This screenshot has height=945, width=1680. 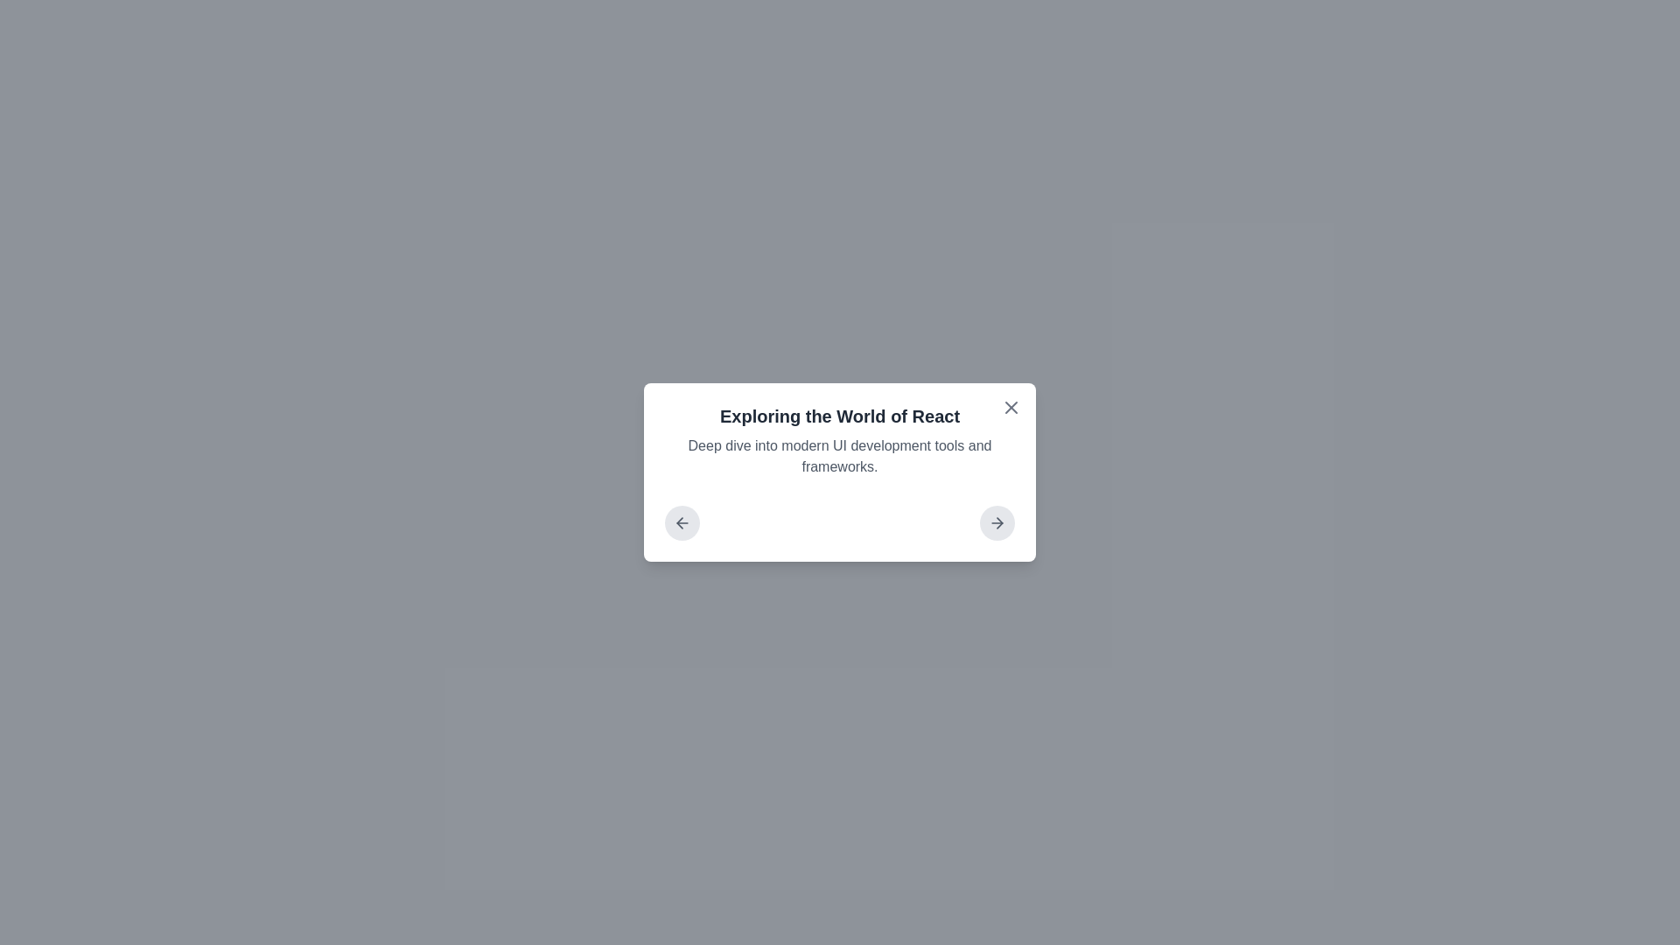 I want to click on the descriptive subtitle text located in the modal interface, directly below the heading 'Exploring the World of React', so click(x=840, y=455).